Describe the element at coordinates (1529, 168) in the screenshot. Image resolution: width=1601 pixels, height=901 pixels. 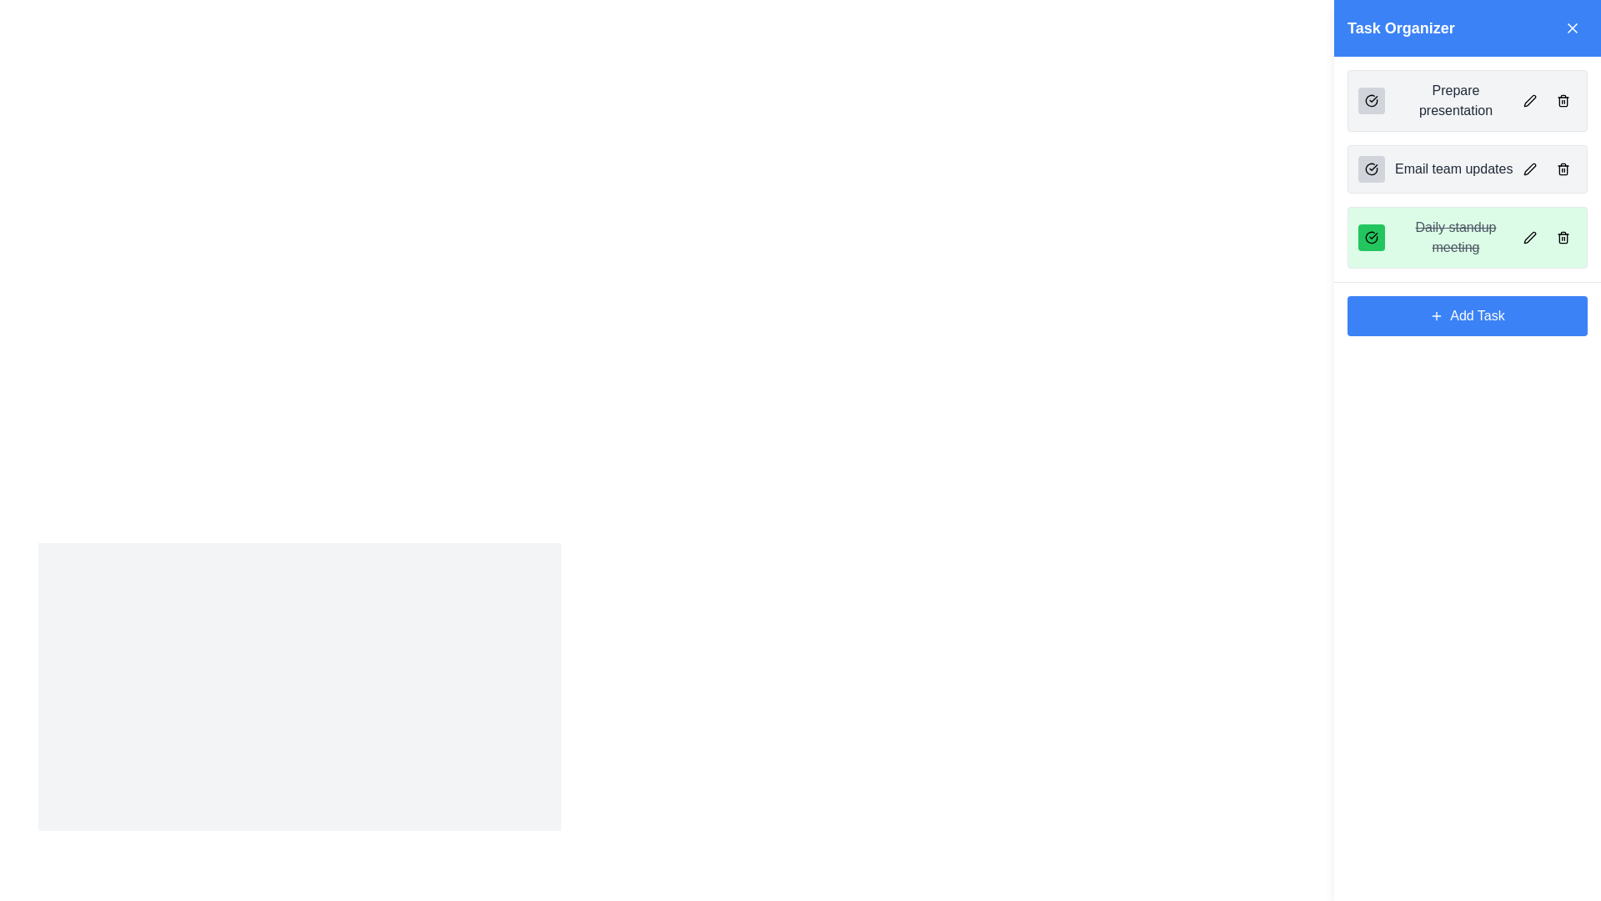
I see `the pen icon button next to the 'Email team updates' task` at that location.